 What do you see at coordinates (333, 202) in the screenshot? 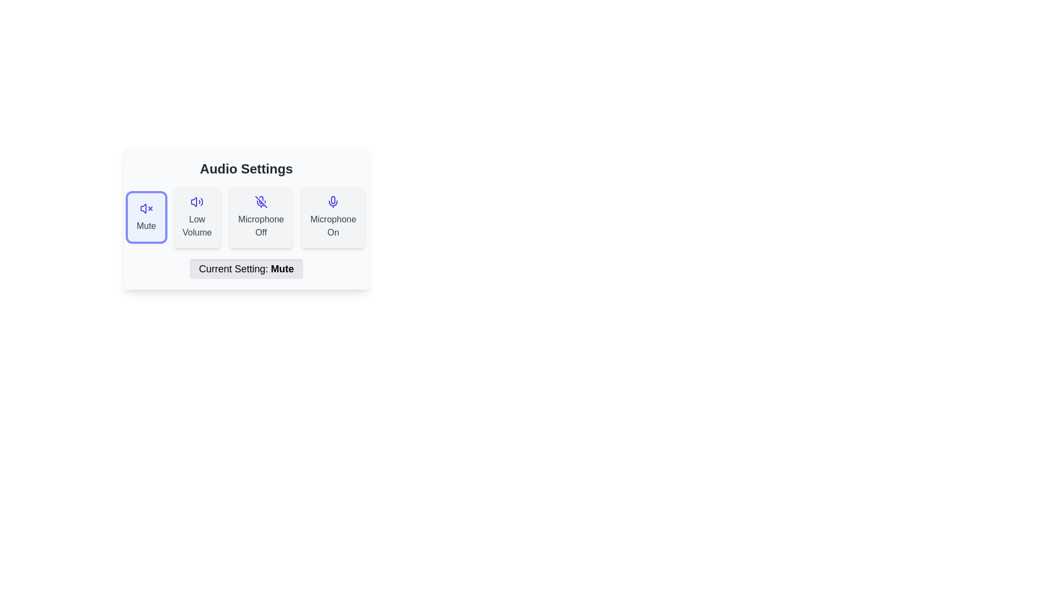
I see `the 'Microphone On' icon which indicates the microphone is active, located as the fourth button in a horizontal row of similar buttons` at bounding box center [333, 202].